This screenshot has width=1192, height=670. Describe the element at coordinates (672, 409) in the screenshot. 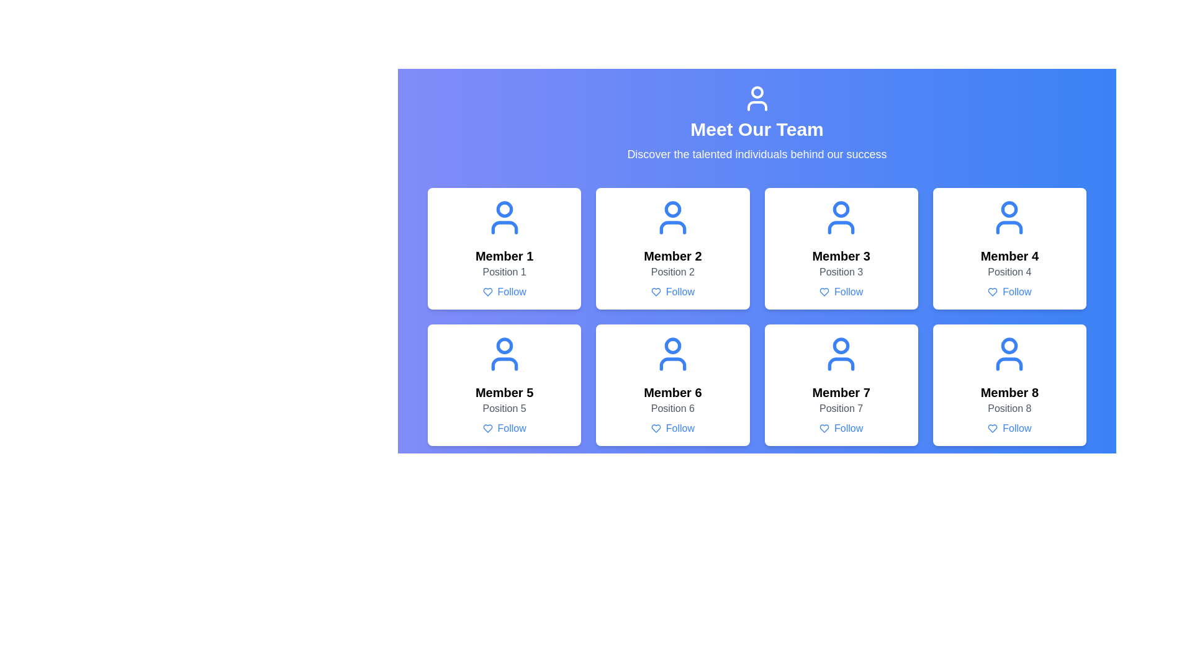

I see `the text label displaying 'Position 6', which is located beneath the title 'Member 6' in the team section of the interface` at that location.